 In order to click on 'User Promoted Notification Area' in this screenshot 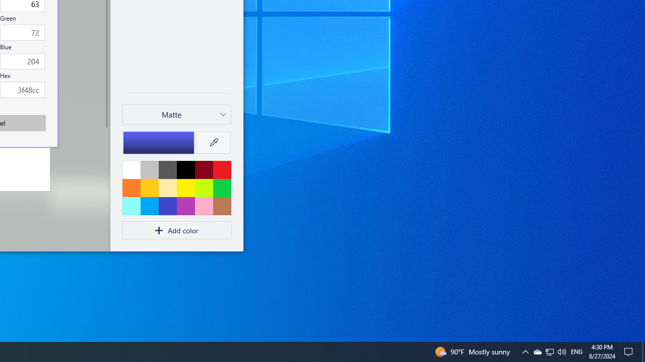, I will do `click(549, 351)`.